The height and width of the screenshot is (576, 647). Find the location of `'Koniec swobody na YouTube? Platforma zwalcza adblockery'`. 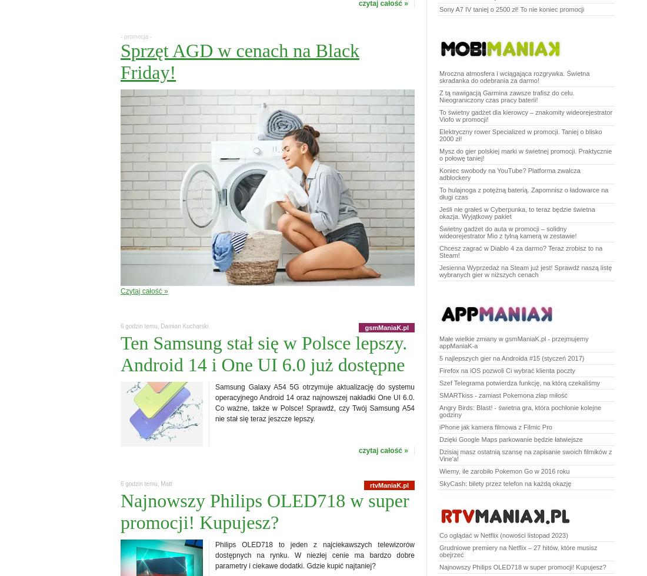

'Koniec swobody na YouTube? Platforma zwalcza adblockery' is located at coordinates (509, 174).